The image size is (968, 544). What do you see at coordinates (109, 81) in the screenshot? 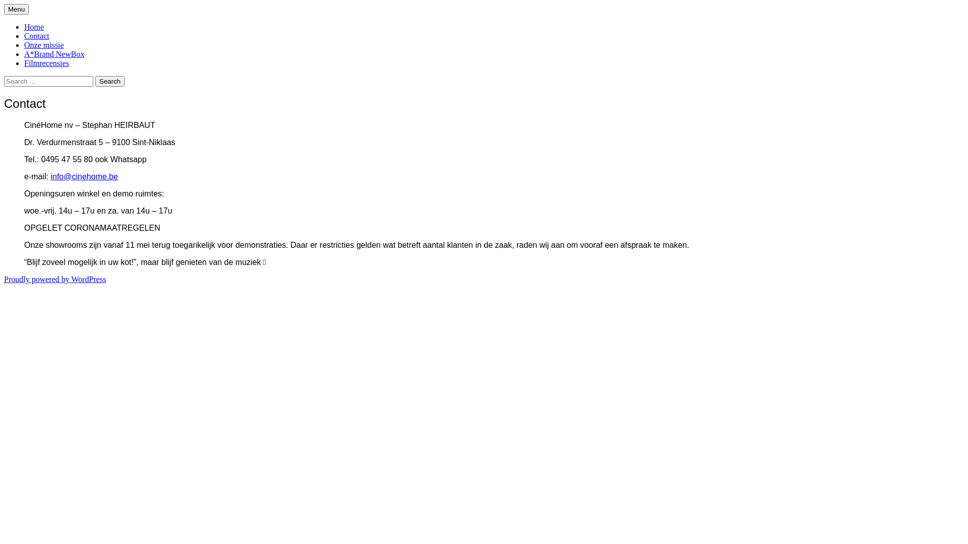
I see `'Search'` at bounding box center [109, 81].